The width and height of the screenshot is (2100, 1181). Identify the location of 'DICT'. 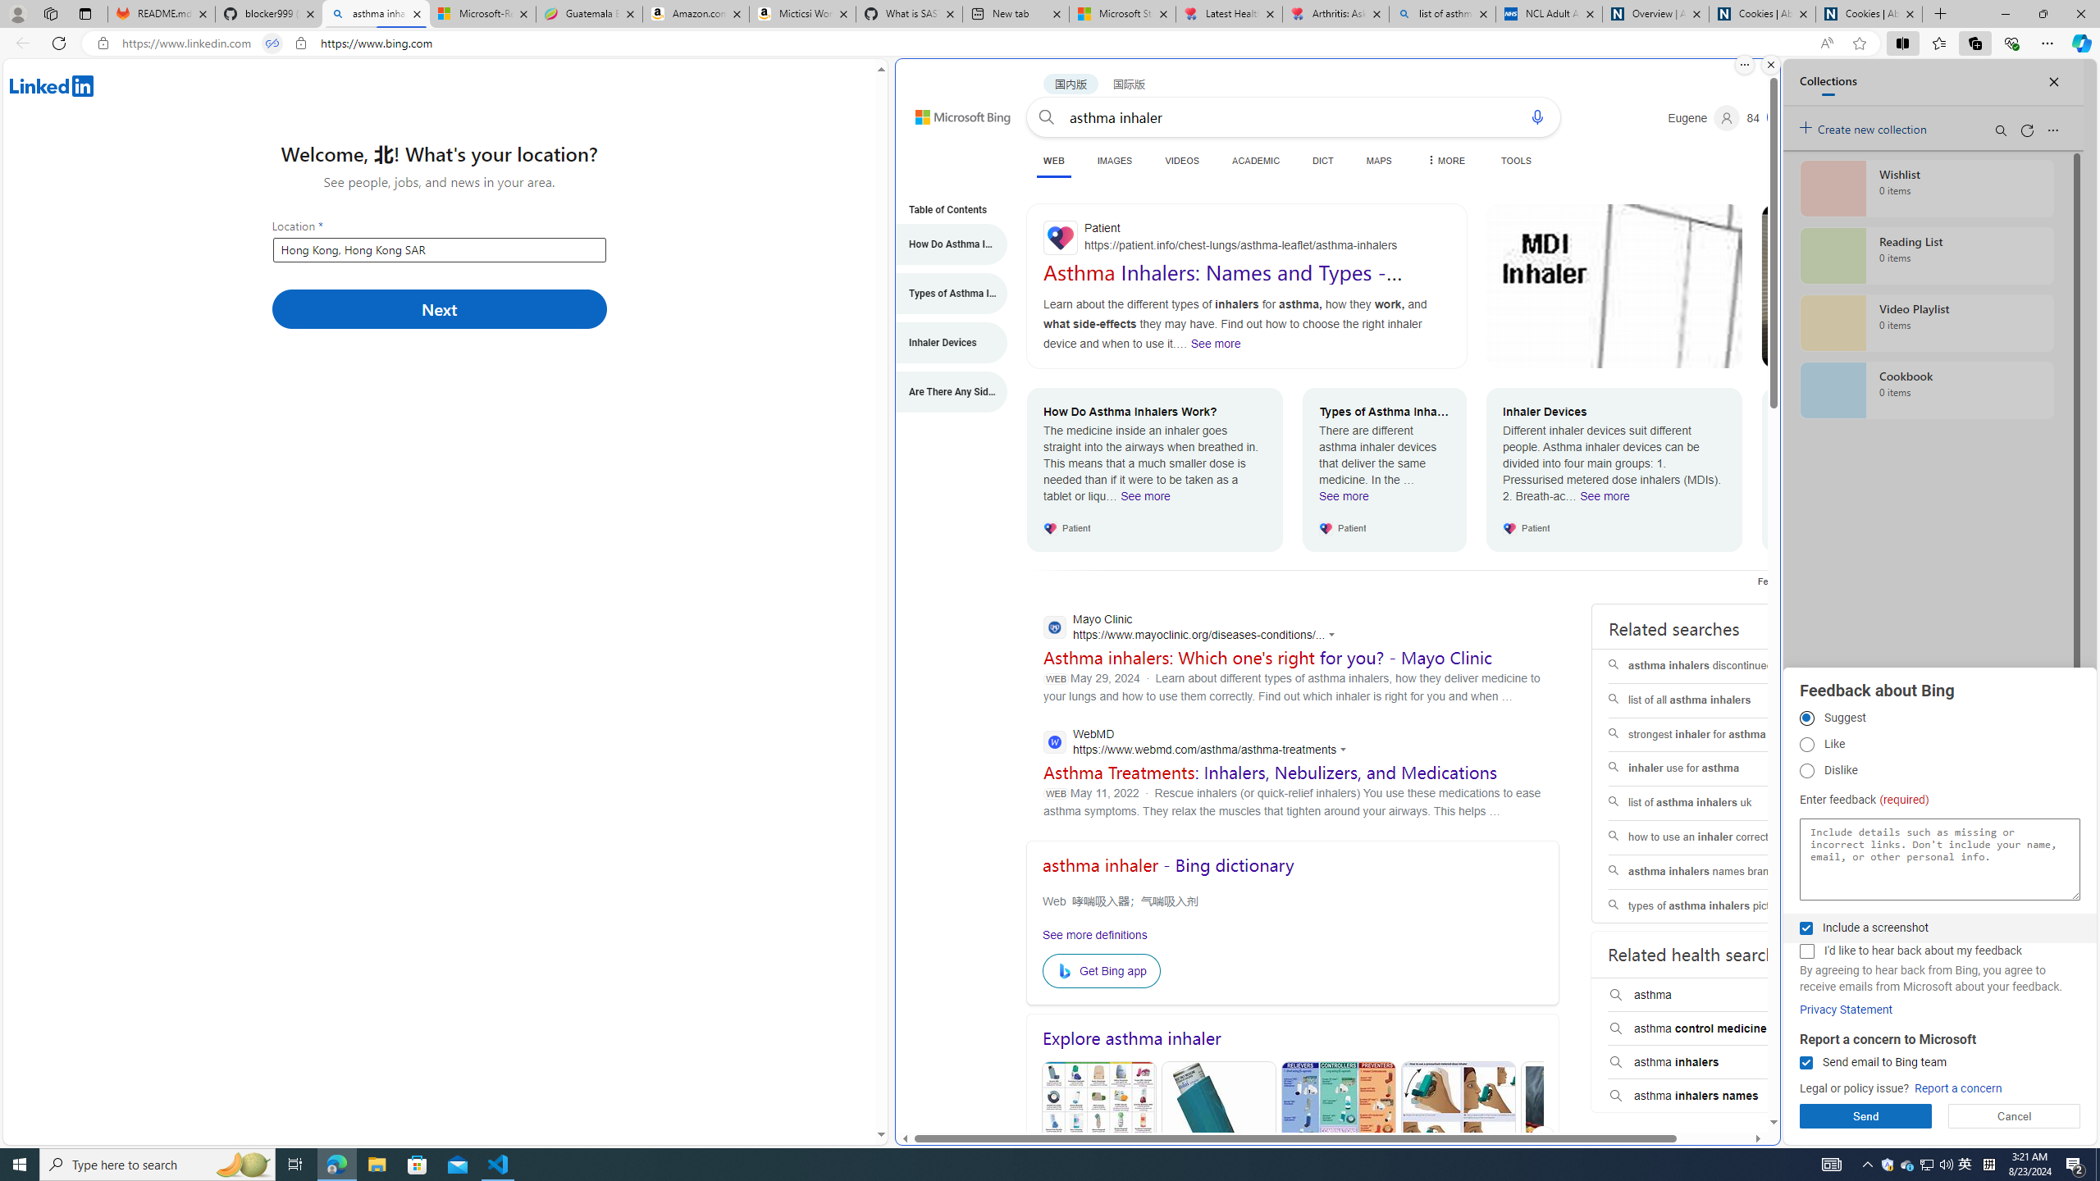
(1322, 160).